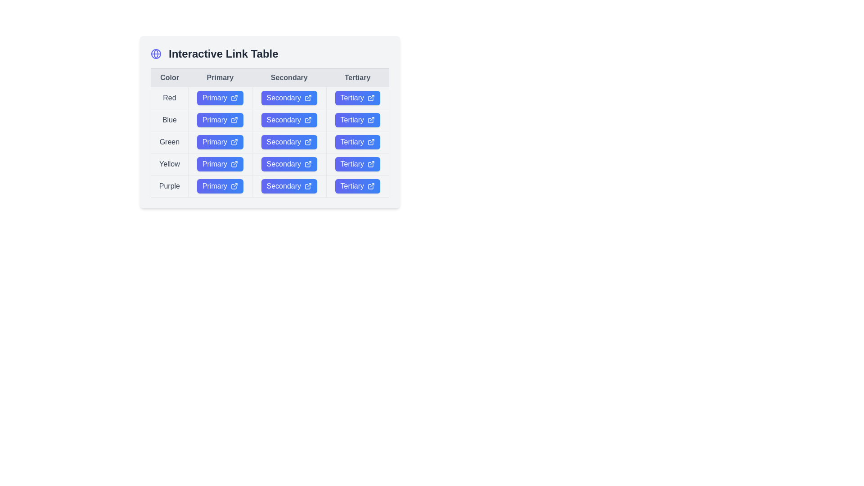 This screenshot has height=486, width=864. What do you see at coordinates (351, 185) in the screenshot?
I see `label text within the interactive button located in the fifth row and third column of the table layout` at bounding box center [351, 185].